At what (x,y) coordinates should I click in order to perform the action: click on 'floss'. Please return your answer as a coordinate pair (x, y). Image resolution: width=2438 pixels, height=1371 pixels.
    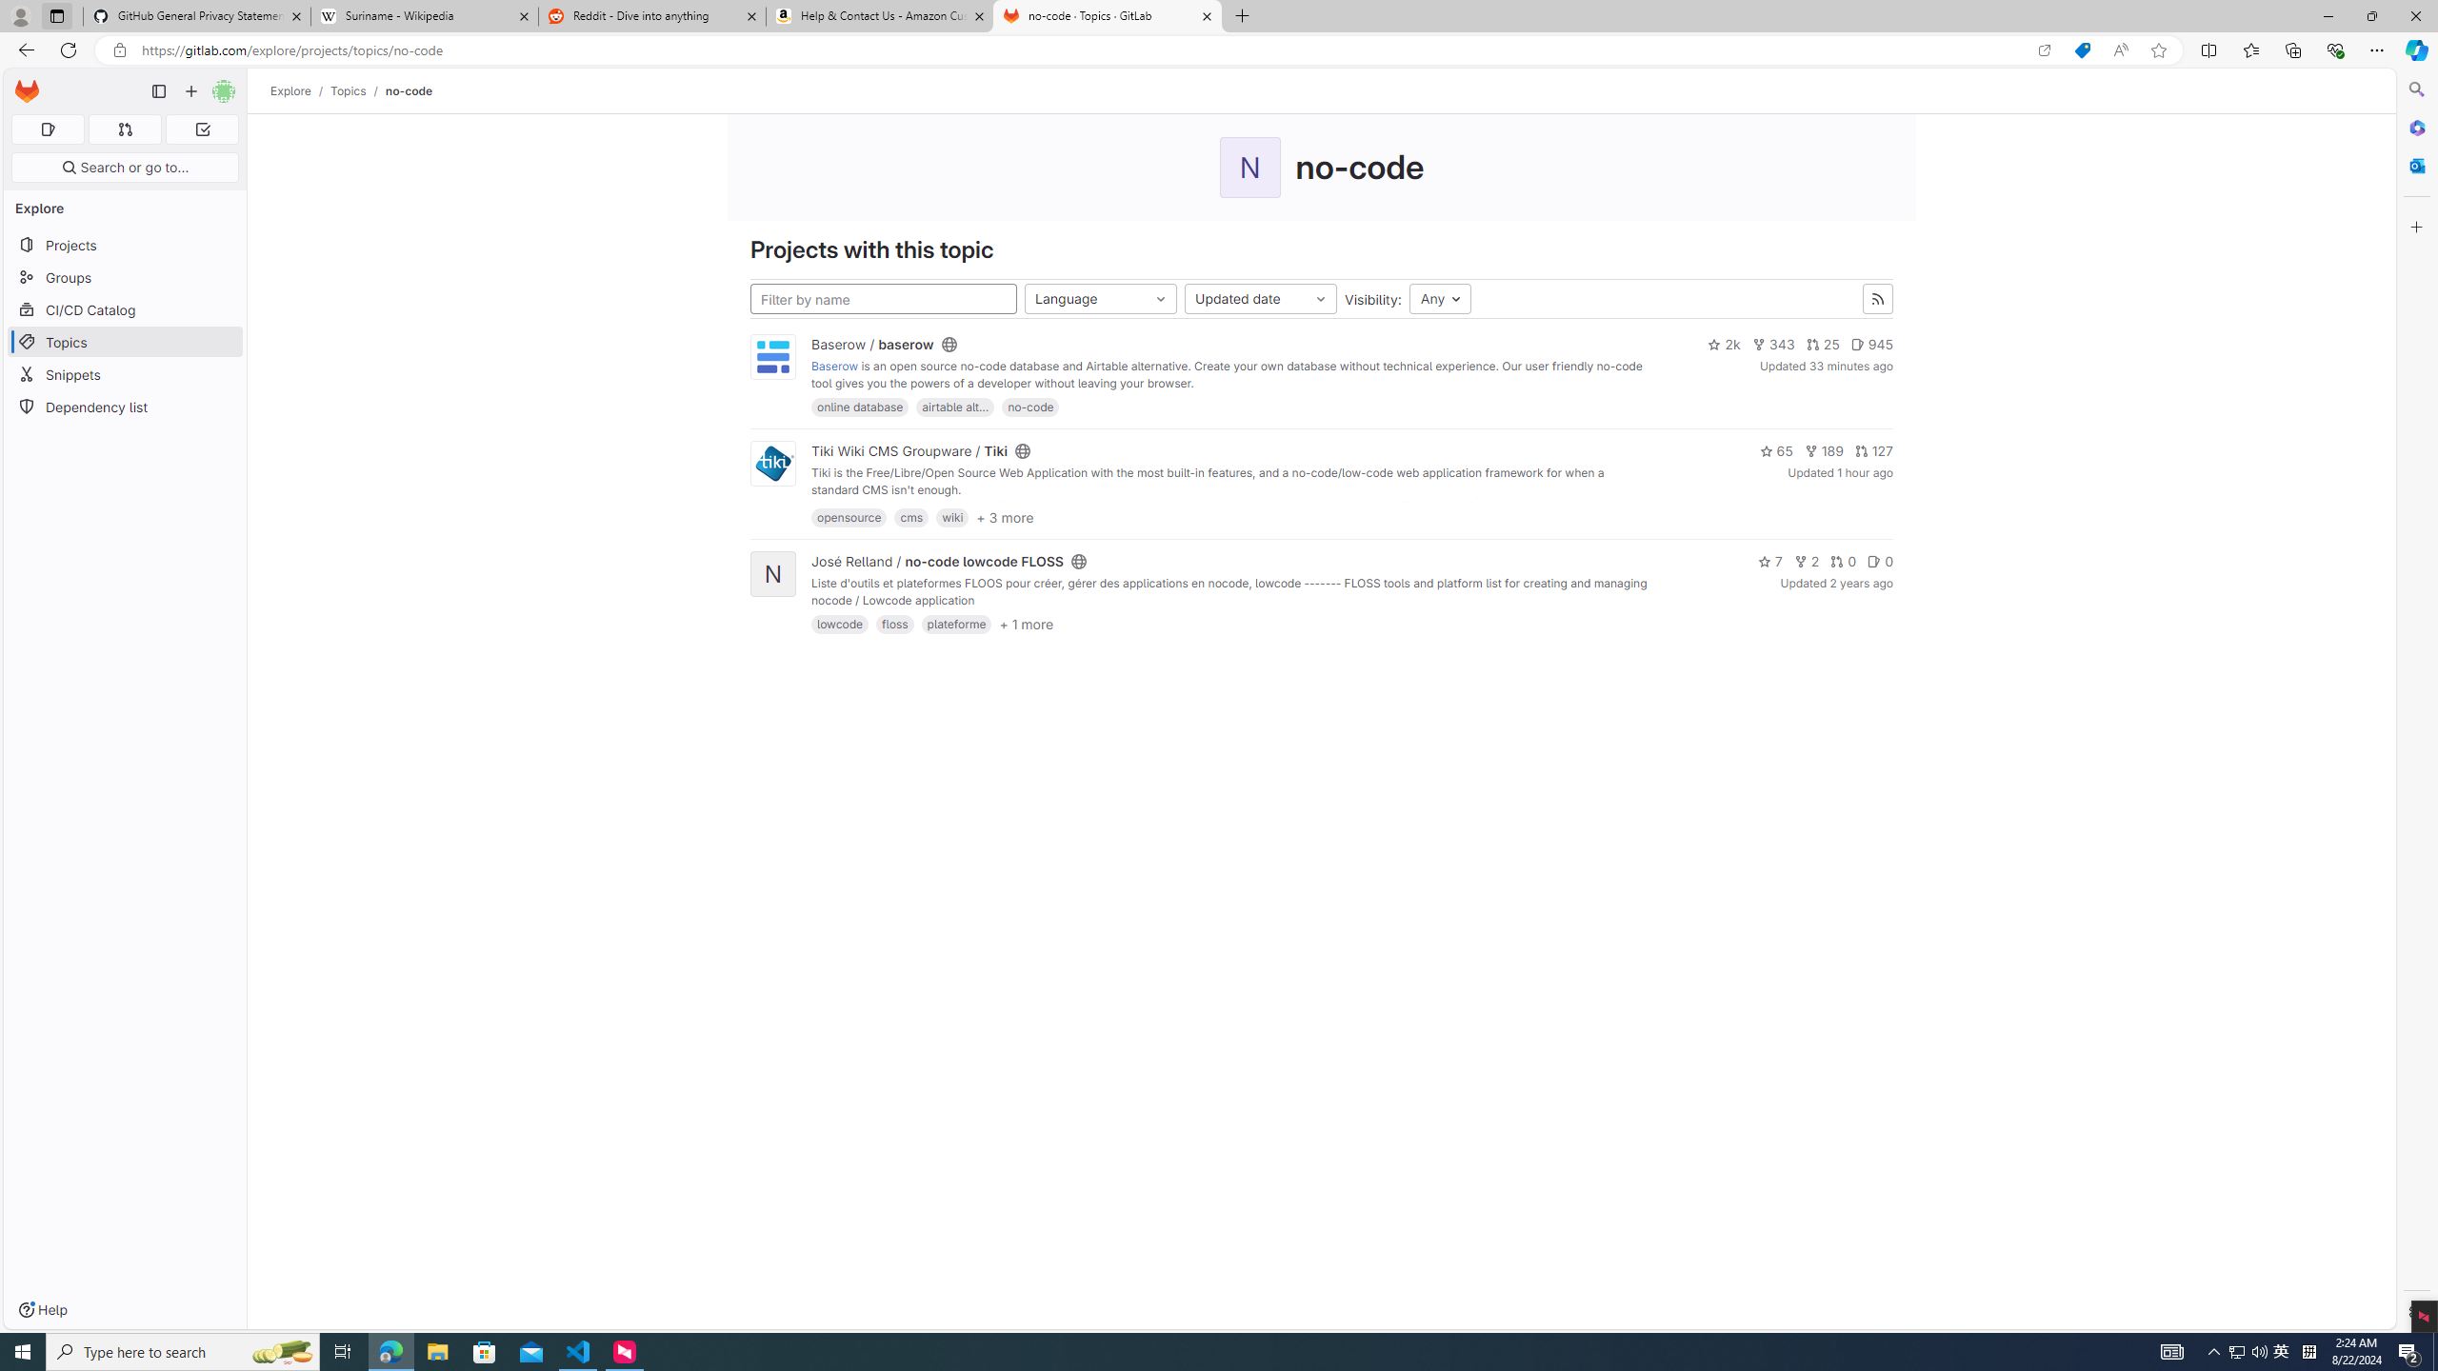
    Looking at the image, I should click on (894, 623).